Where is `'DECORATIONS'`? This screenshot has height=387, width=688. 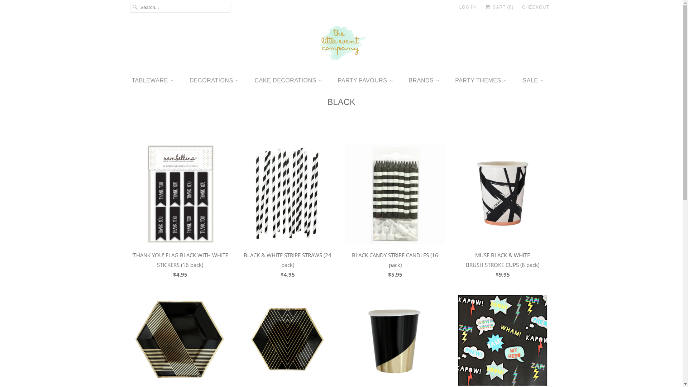 'DECORATIONS' is located at coordinates (214, 81).